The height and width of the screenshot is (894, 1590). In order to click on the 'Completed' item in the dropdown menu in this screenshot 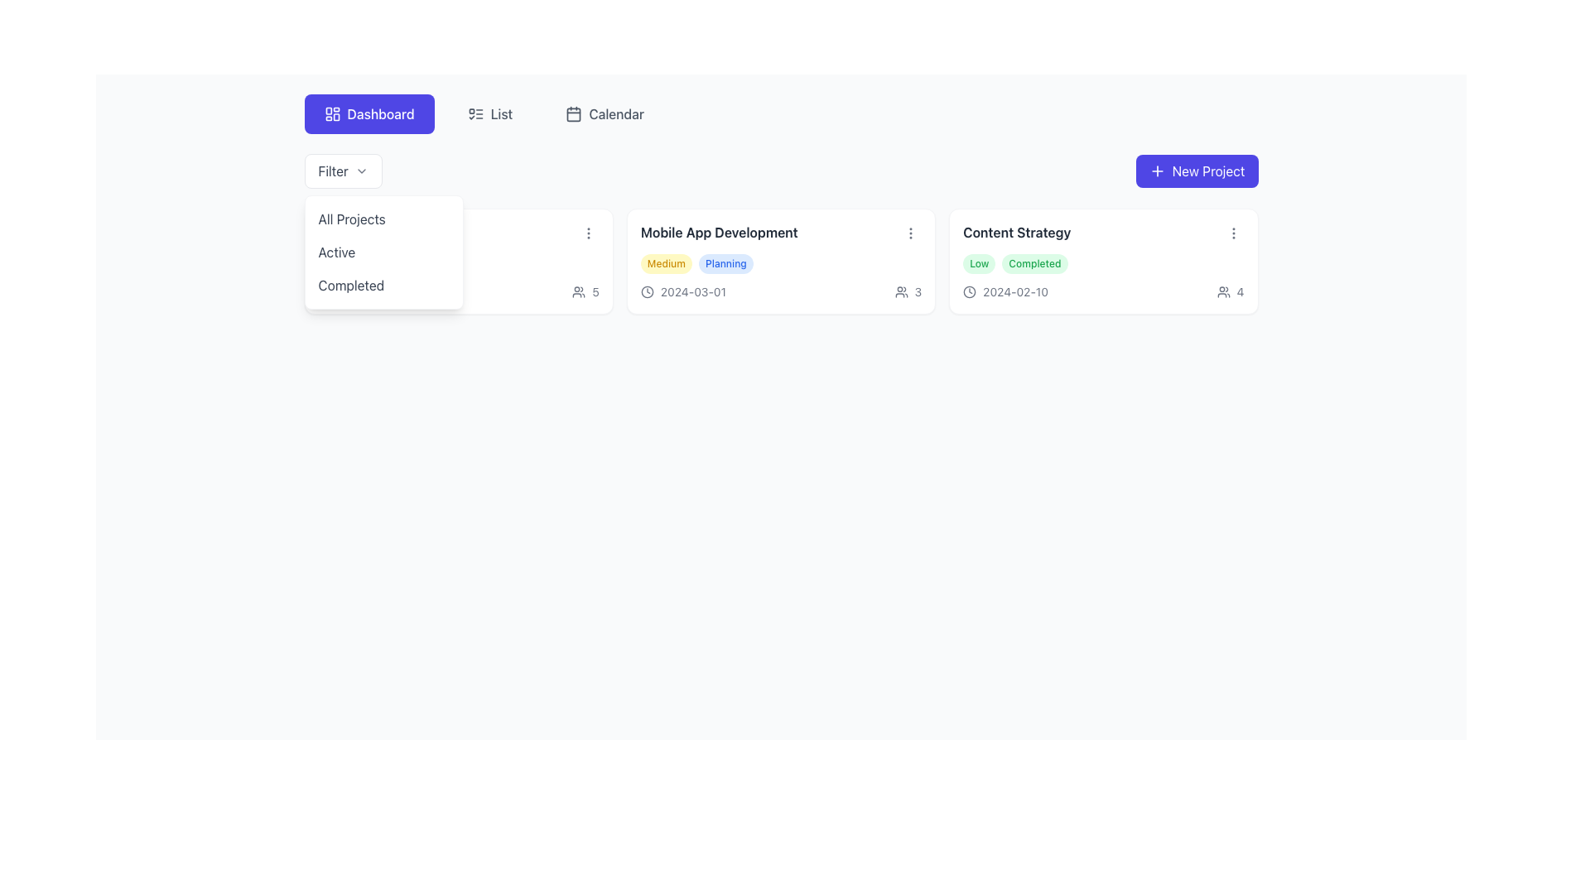, I will do `click(383, 284)`.